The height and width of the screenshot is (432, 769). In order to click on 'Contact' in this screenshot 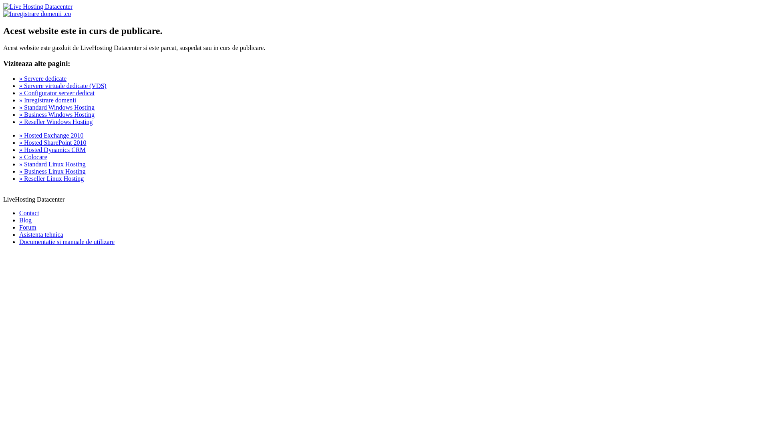, I will do `click(29, 212)`.